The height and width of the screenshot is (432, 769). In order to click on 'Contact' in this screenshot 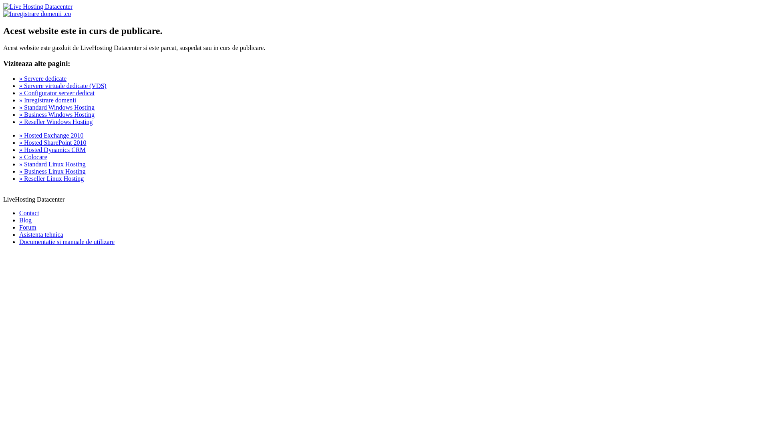, I will do `click(29, 212)`.